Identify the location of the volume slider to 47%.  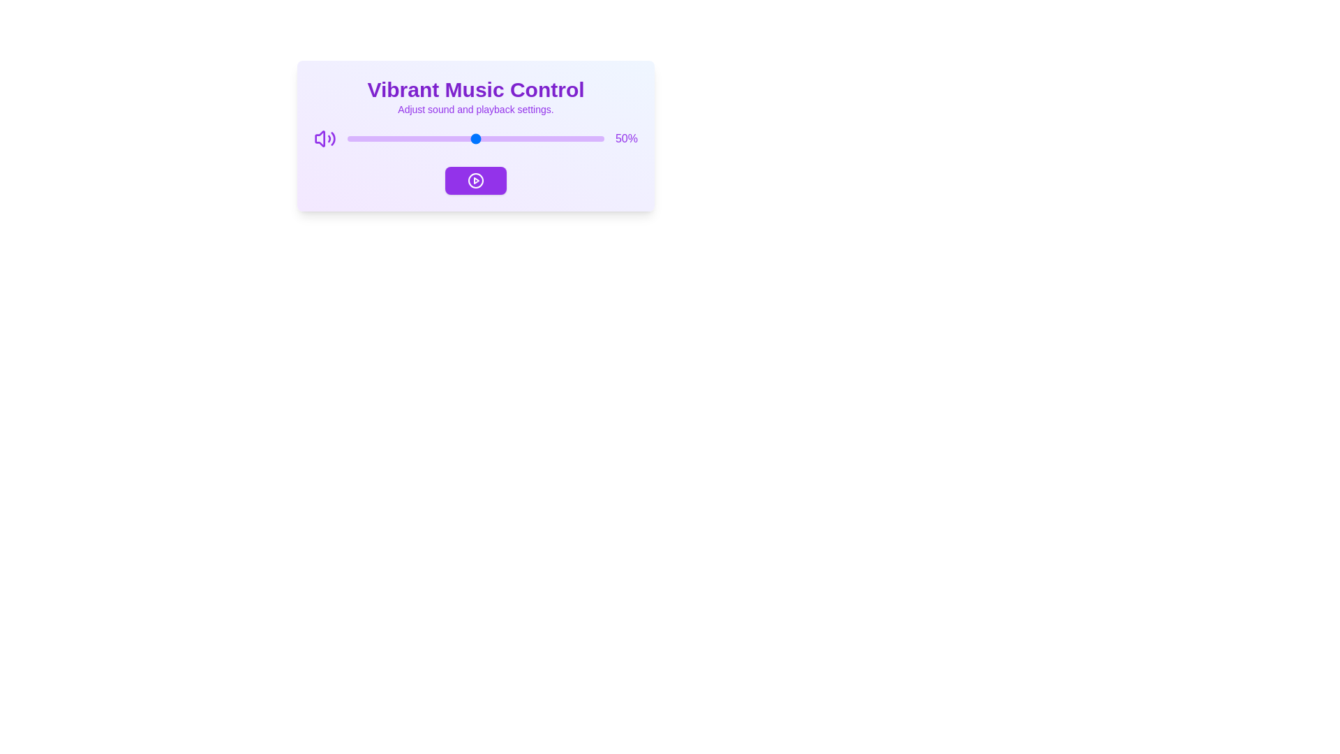
(468, 139).